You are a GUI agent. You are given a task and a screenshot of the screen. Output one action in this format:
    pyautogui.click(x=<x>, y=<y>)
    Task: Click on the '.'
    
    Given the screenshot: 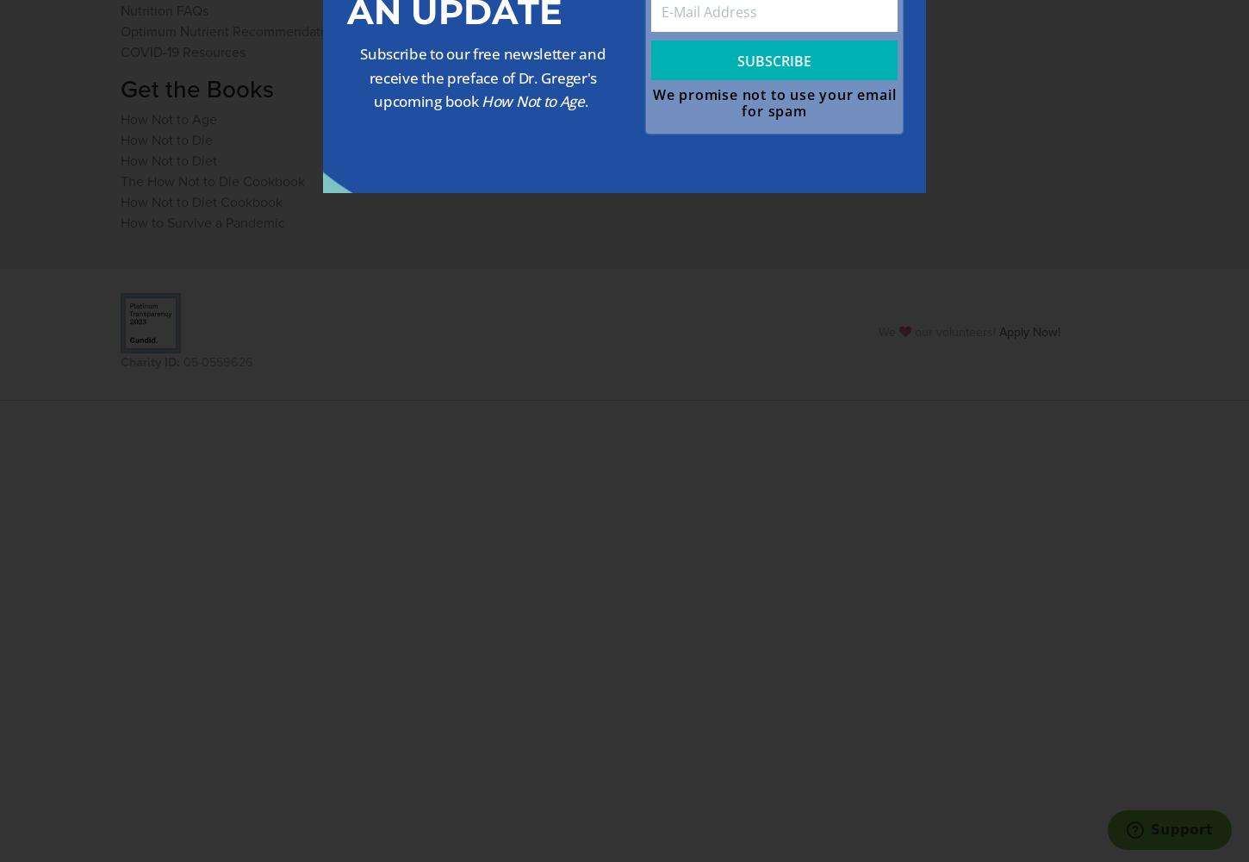 What is the action you would take?
    pyautogui.click(x=587, y=100)
    